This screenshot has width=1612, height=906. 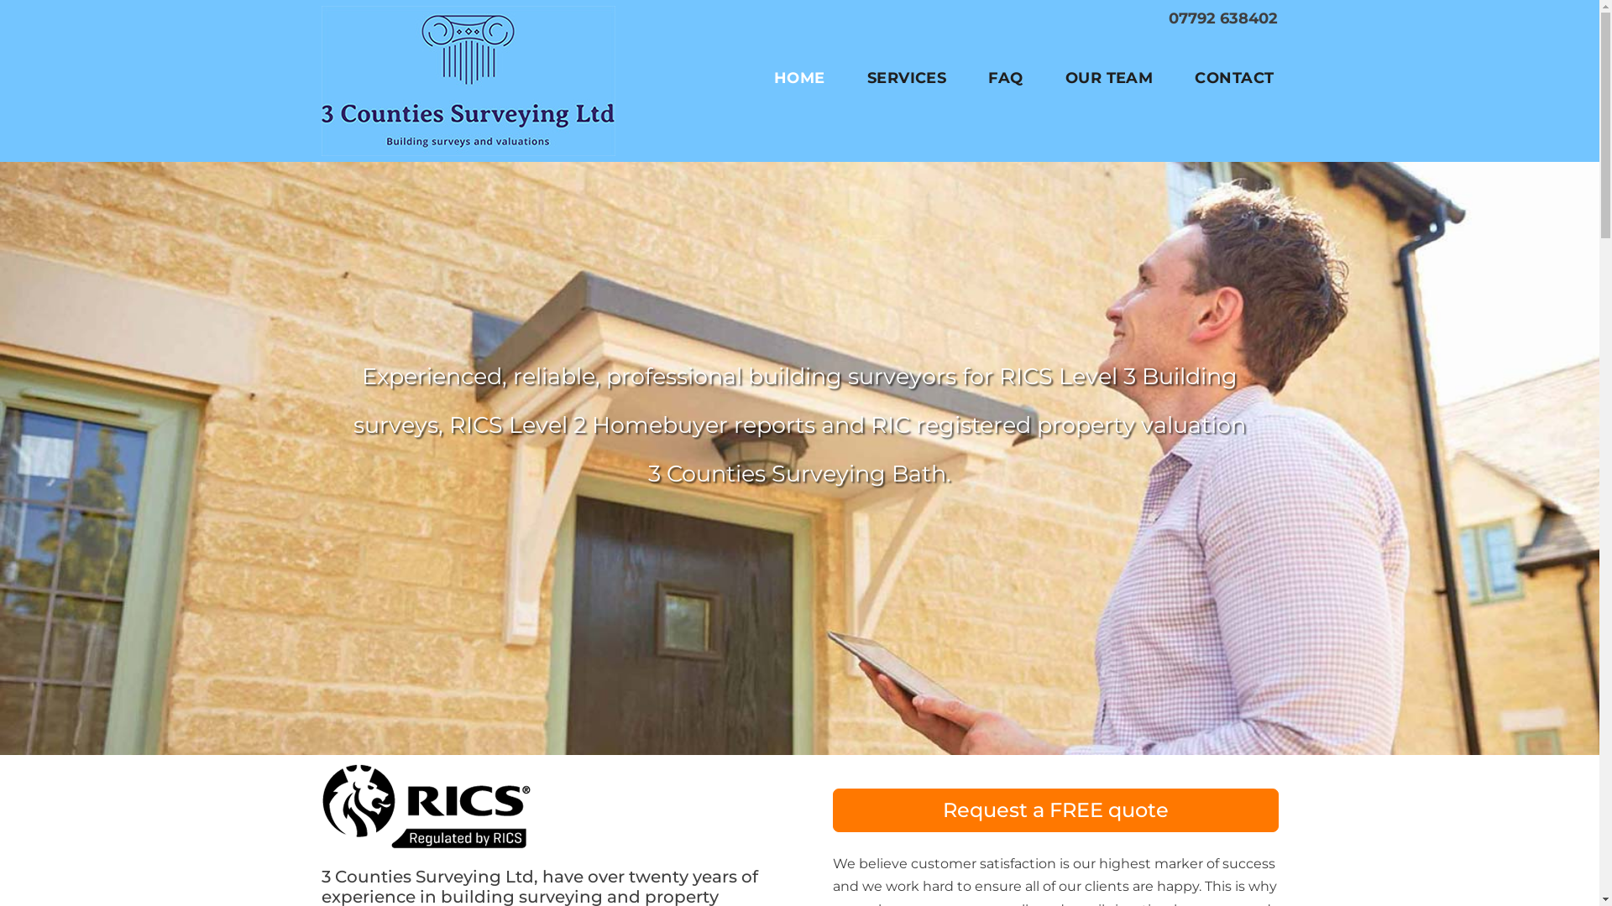 What do you see at coordinates (772, 77) in the screenshot?
I see `'HOME'` at bounding box center [772, 77].